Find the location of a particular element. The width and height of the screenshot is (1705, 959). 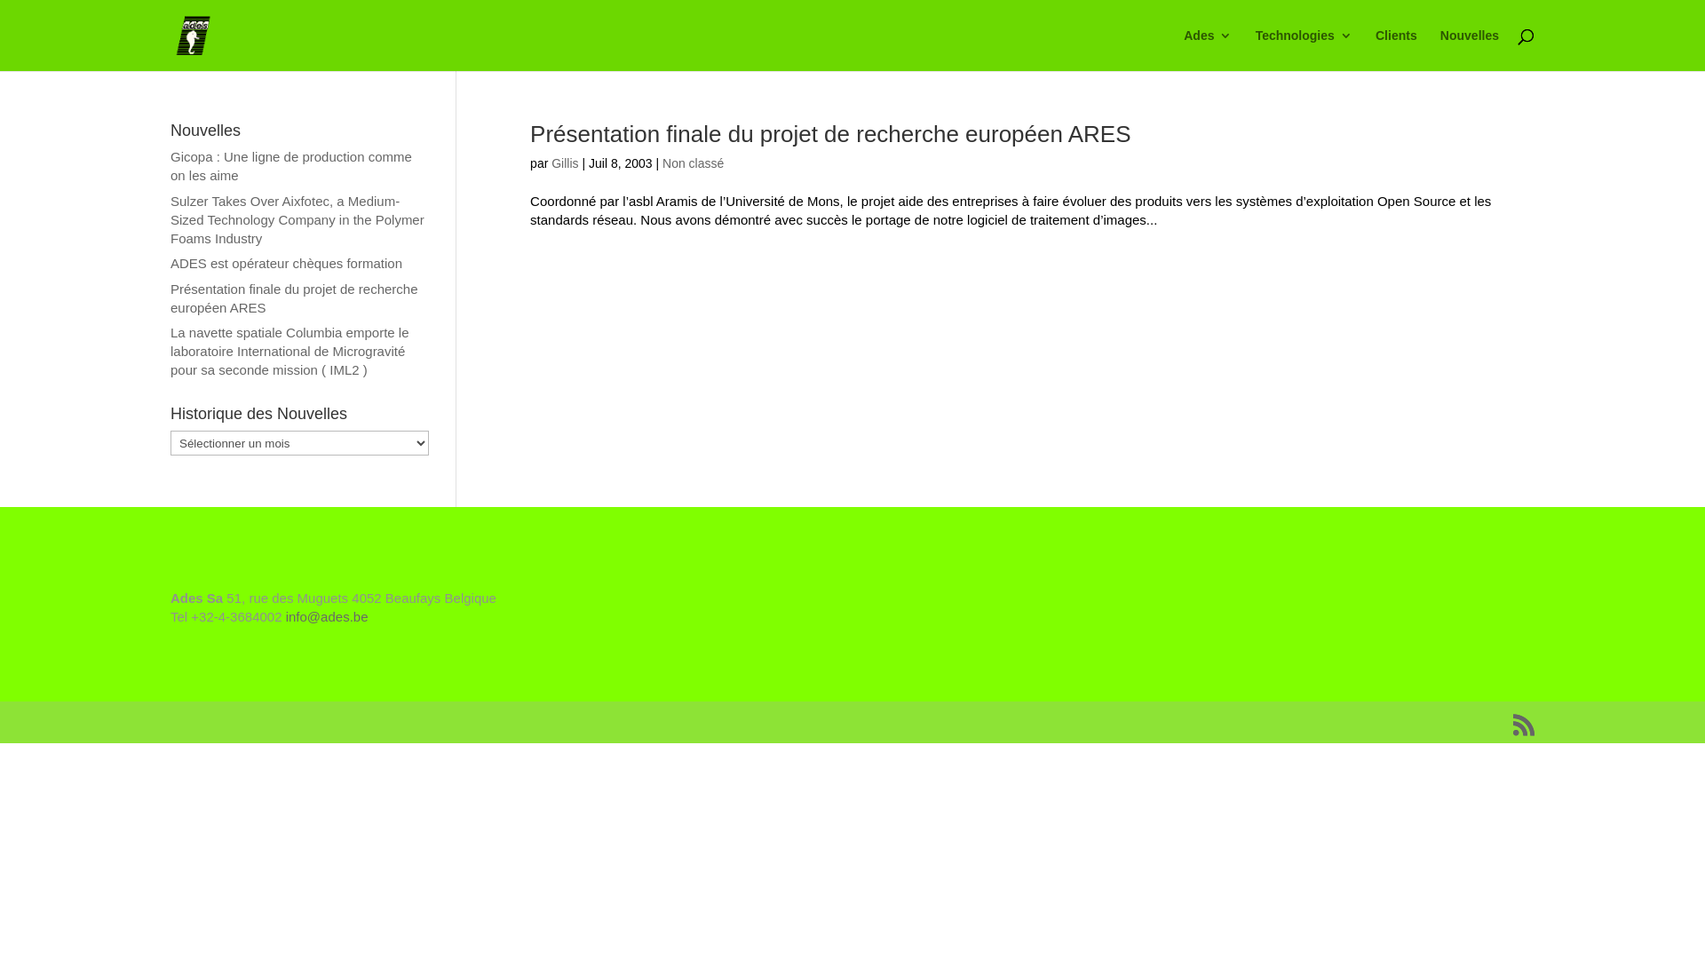

'Gicopa : Une ligne de production comme on les aime' is located at coordinates (290, 165).